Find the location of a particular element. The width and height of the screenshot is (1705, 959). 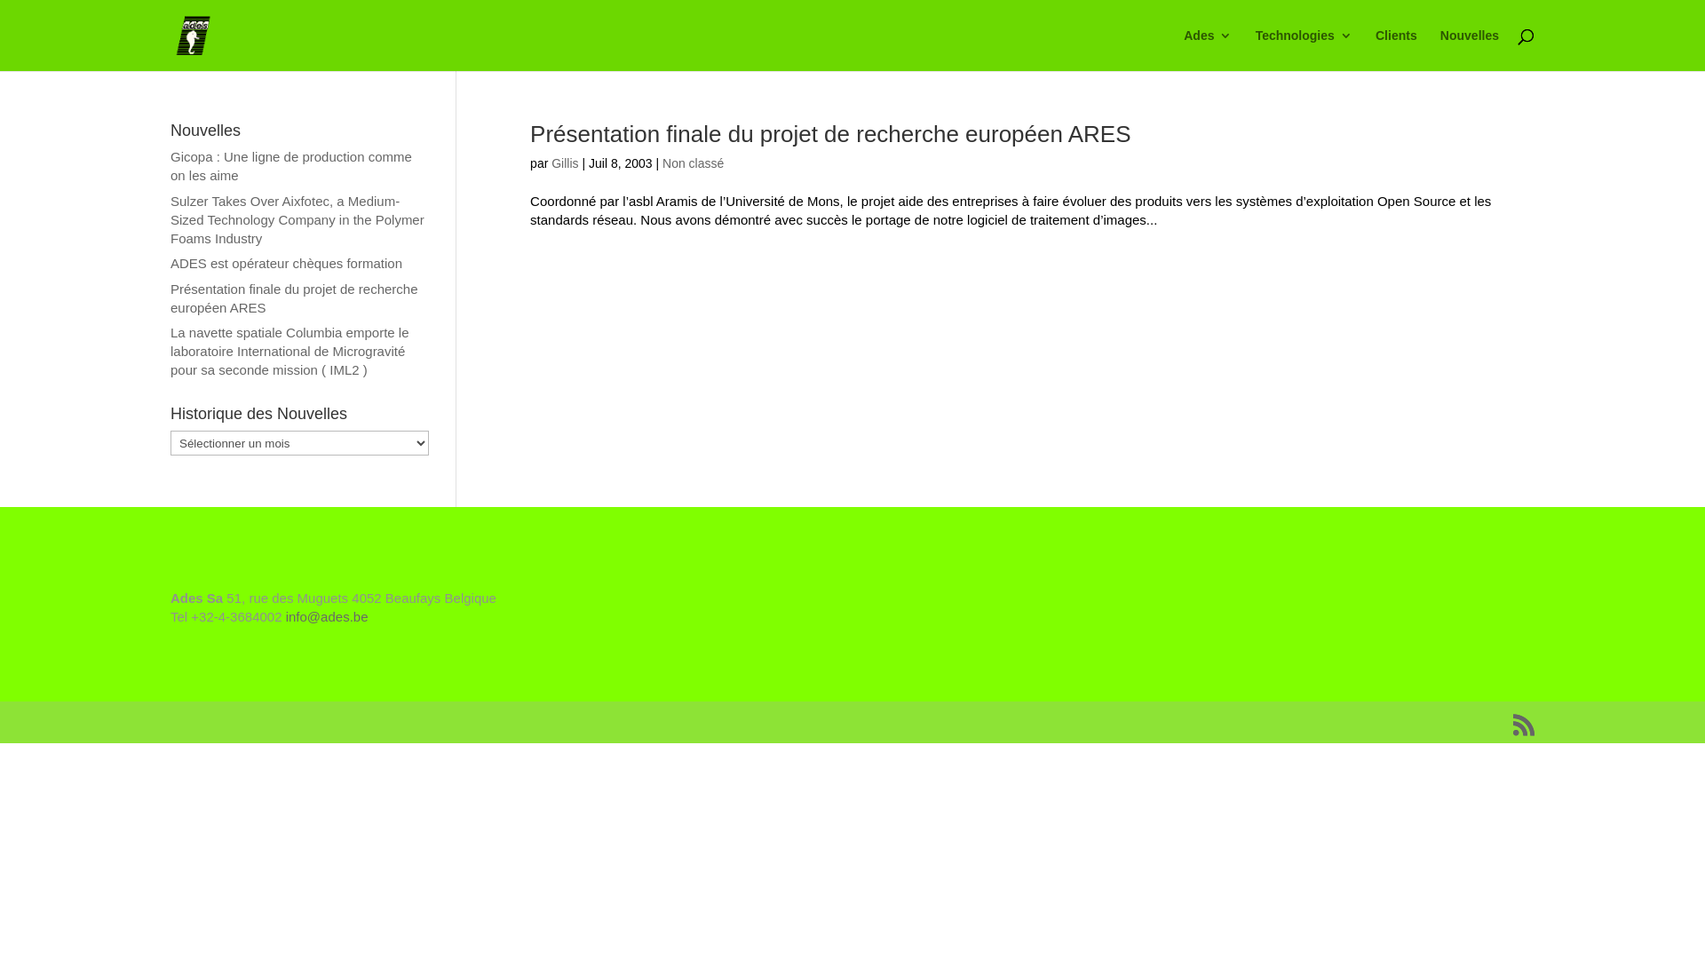

'Gicopa : Une ligne de production comme on les aime' is located at coordinates (290, 165).